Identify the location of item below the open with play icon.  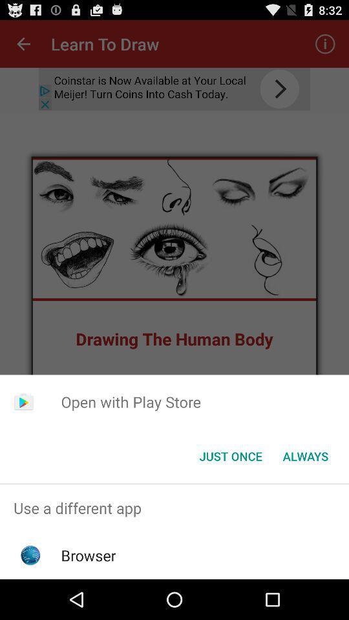
(230, 456).